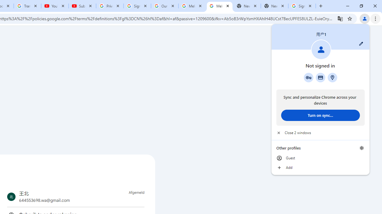  I want to click on 'Google Password Manager', so click(308, 77).